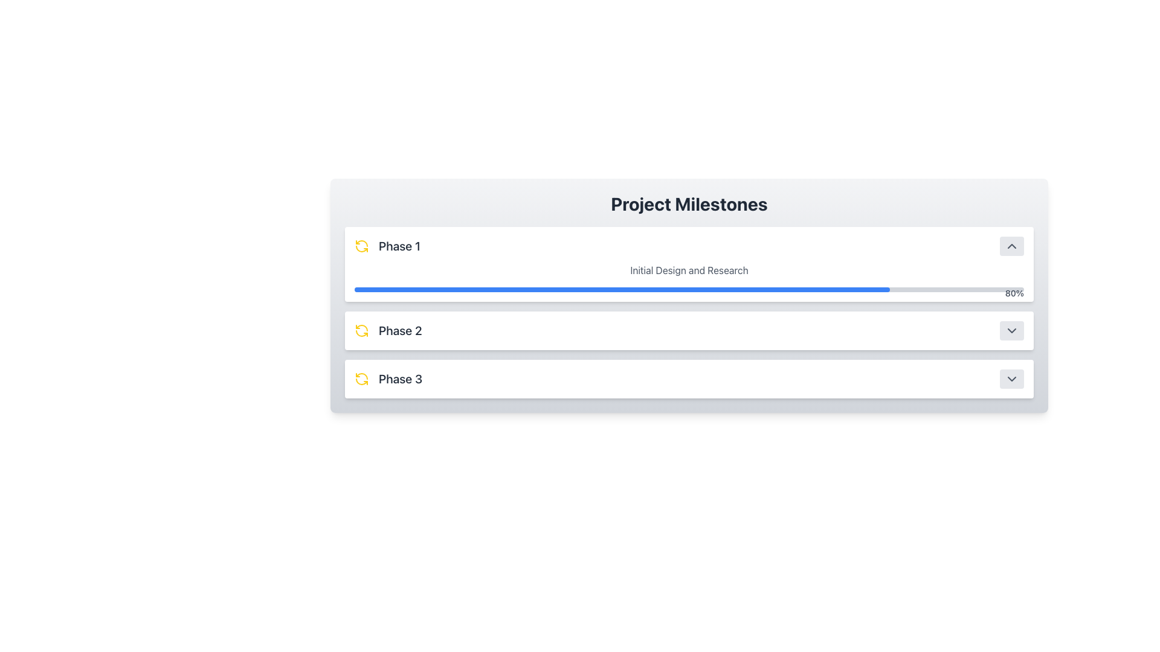  I want to click on the static text label 'Phase 1' which is styled with a large dark gray font and located within a white card, positioned next to a yellow circular refresh icon, so click(399, 246).